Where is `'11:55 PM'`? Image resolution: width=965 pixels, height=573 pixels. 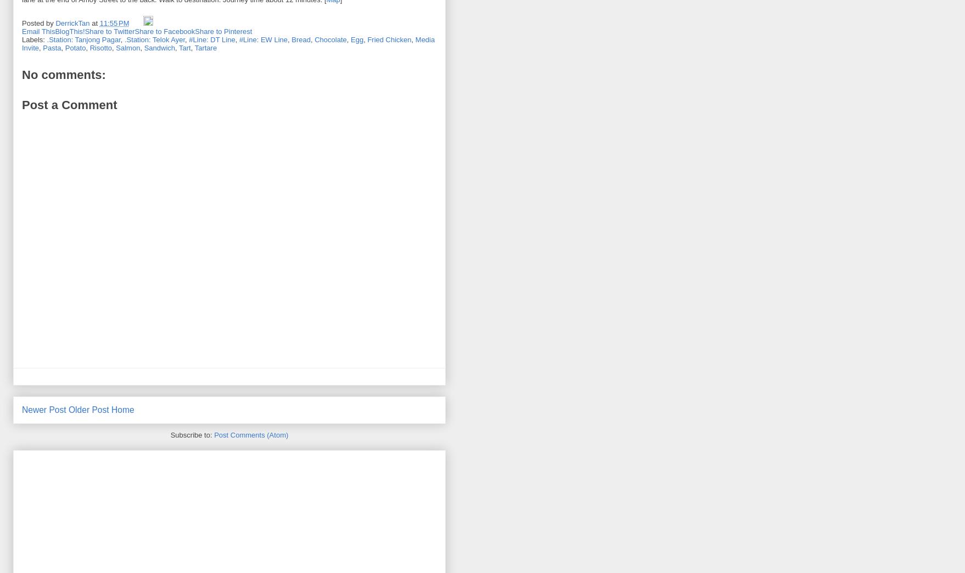 '11:55 PM' is located at coordinates (113, 22).